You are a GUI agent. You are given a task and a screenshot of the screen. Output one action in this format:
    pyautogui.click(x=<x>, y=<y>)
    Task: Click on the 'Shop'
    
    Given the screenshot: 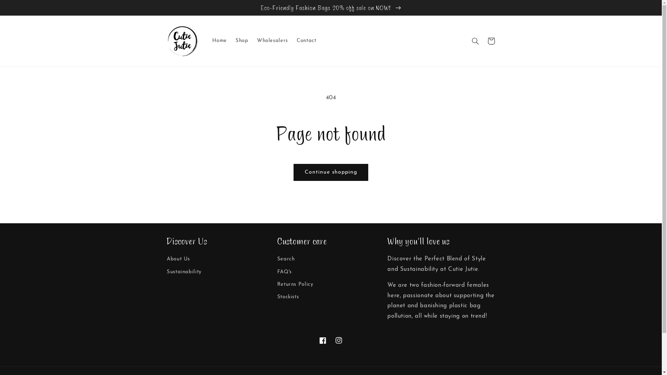 What is the action you would take?
    pyautogui.click(x=242, y=41)
    